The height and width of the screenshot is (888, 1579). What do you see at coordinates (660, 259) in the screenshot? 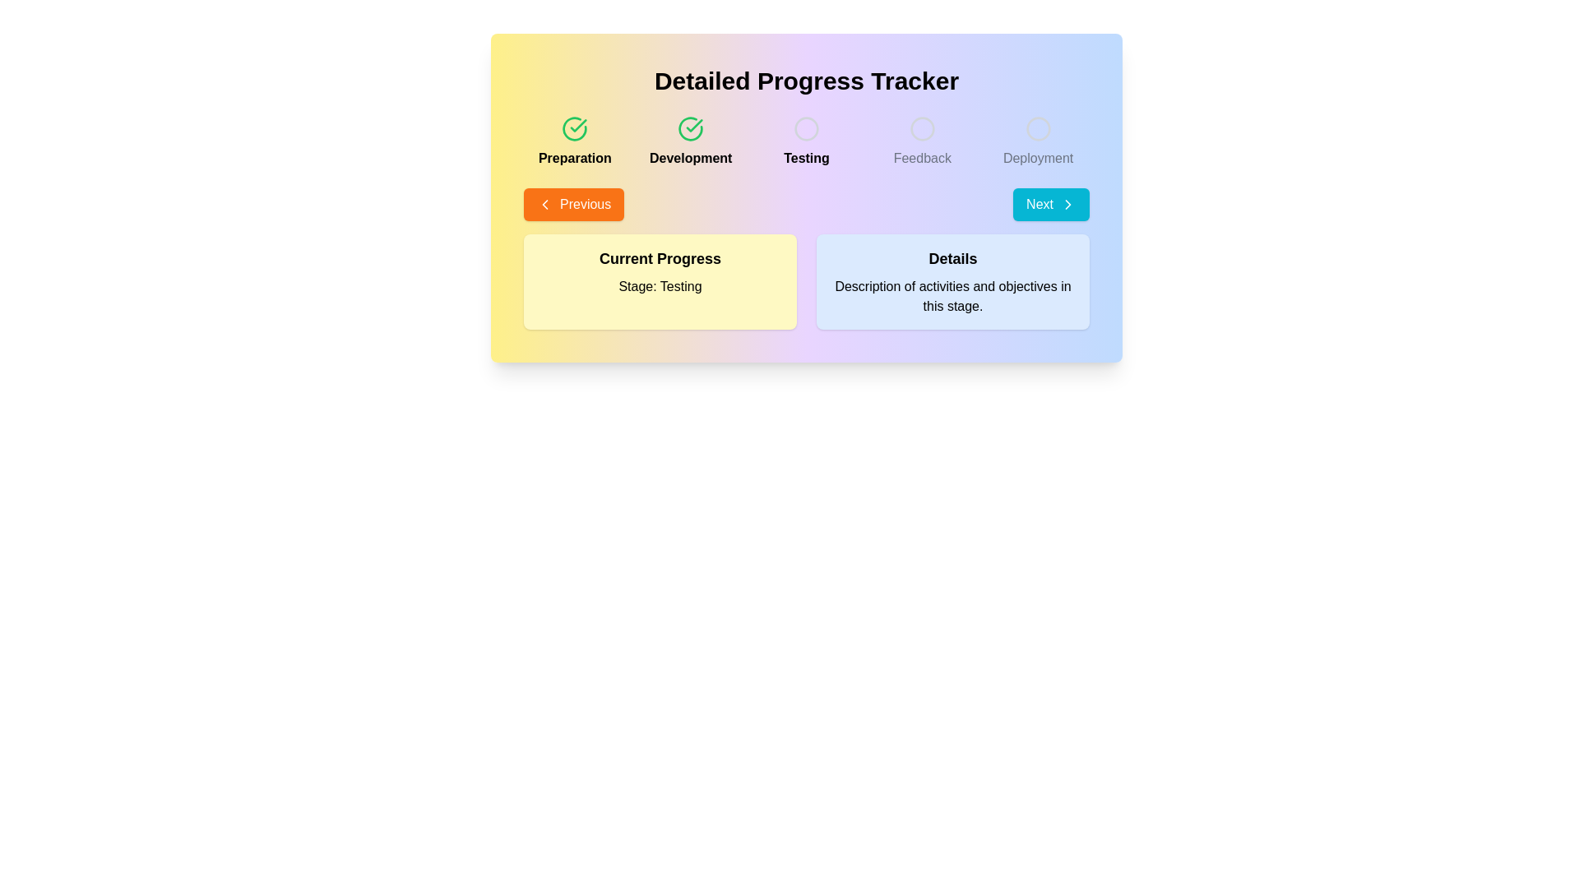
I see `text displayed on the 'Current Progress' label which is in bold, large font with a yellow background` at bounding box center [660, 259].